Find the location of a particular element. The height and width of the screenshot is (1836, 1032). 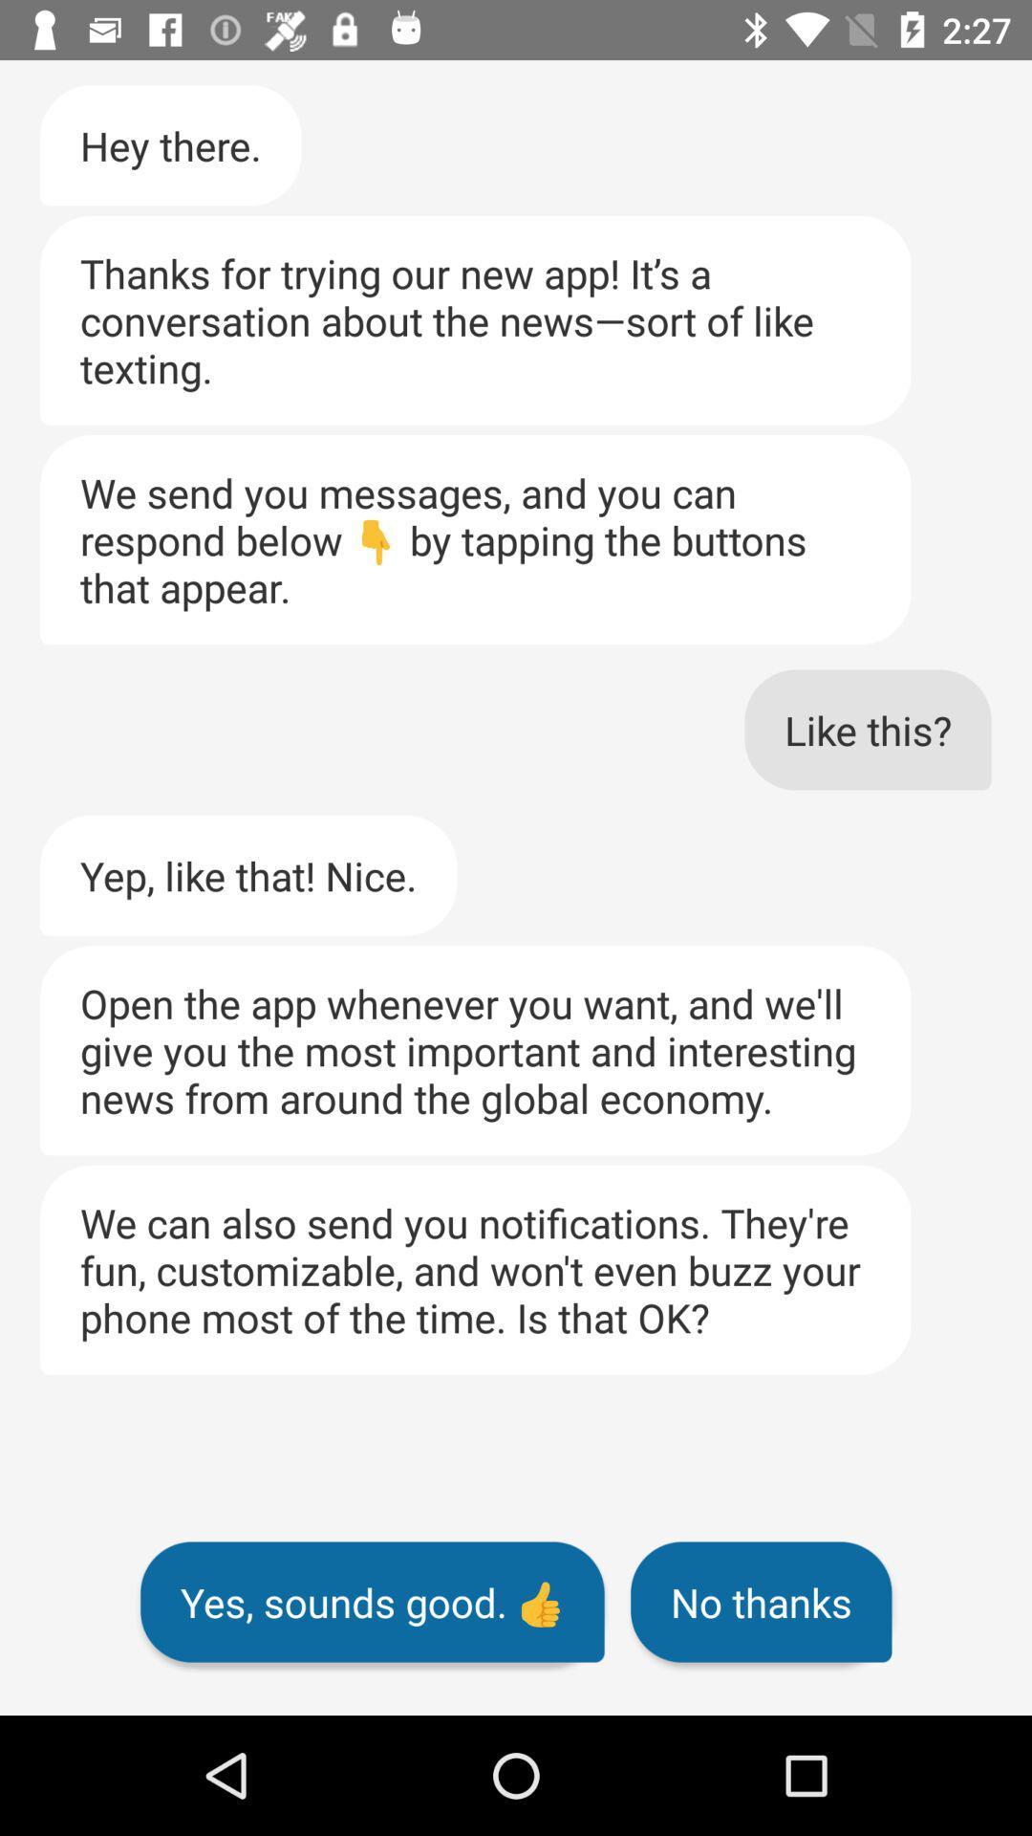

the no thanks at the bottom right corner is located at coordinates (760, 1602).